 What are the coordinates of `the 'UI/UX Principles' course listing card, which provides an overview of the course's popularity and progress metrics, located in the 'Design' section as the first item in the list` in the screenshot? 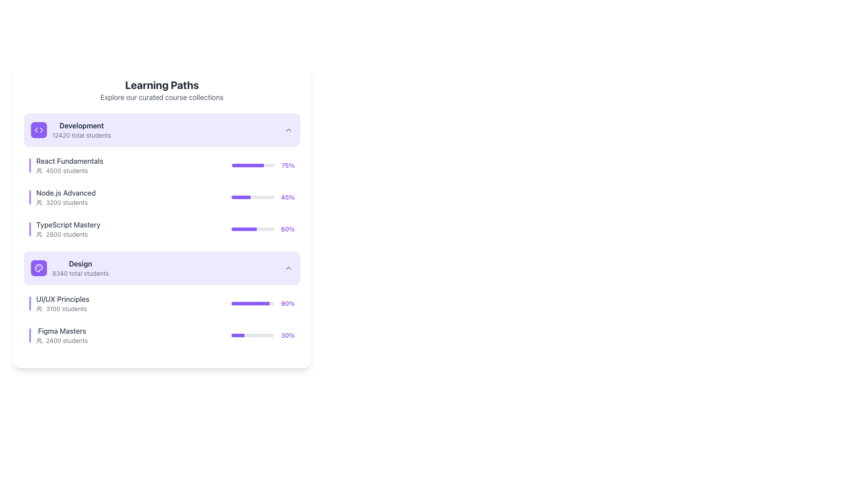 It's located at (162, 319).